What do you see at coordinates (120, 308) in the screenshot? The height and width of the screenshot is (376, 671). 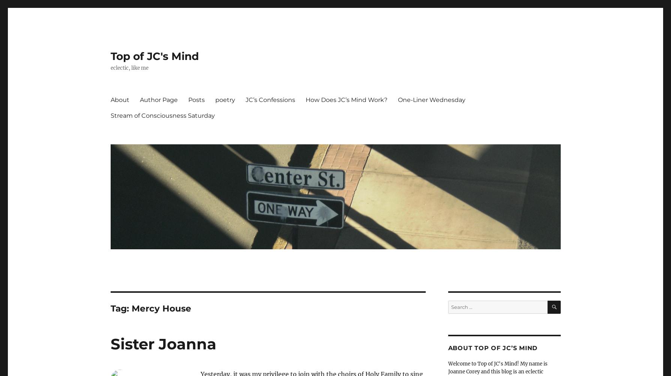 I see `'Tag:'` at bounding box center [120, 308].